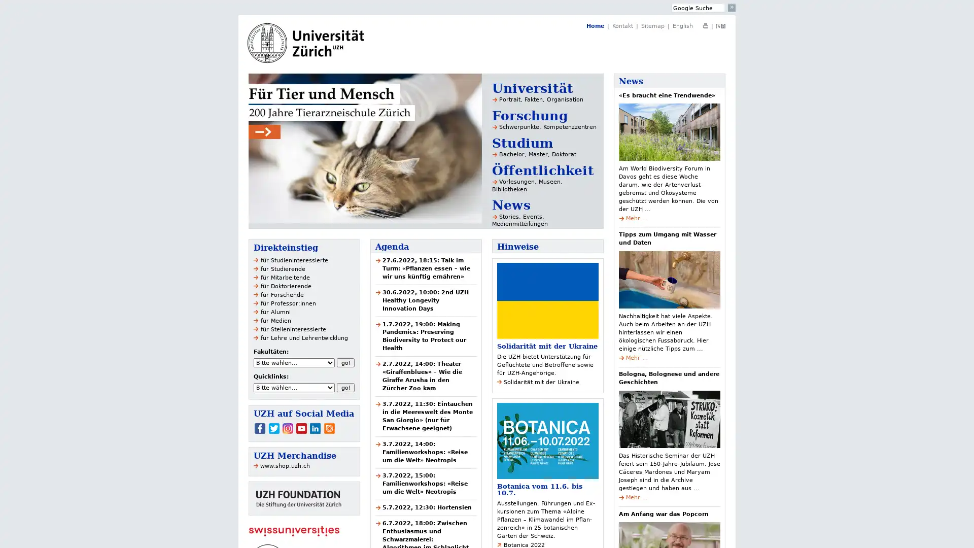 This screenshot has height=548, width=974. What do you see at coordinates (345, 362) in the screenshot?
I see `go!` at bounding box center [345, 362].